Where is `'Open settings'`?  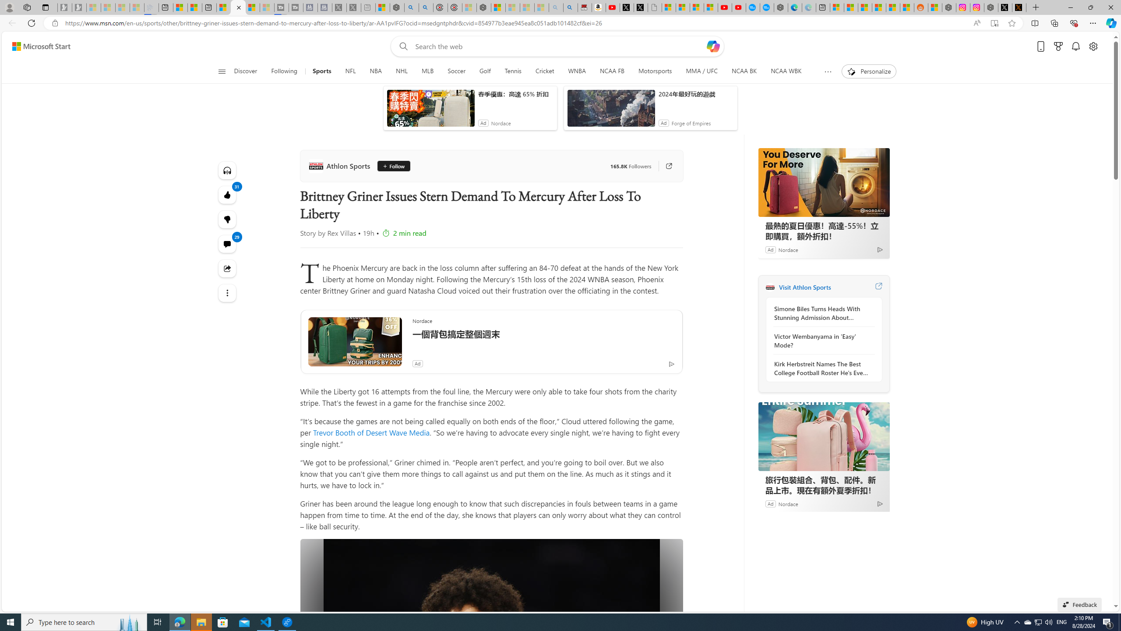 'Open settings' is located at coordinates (1093, 46).